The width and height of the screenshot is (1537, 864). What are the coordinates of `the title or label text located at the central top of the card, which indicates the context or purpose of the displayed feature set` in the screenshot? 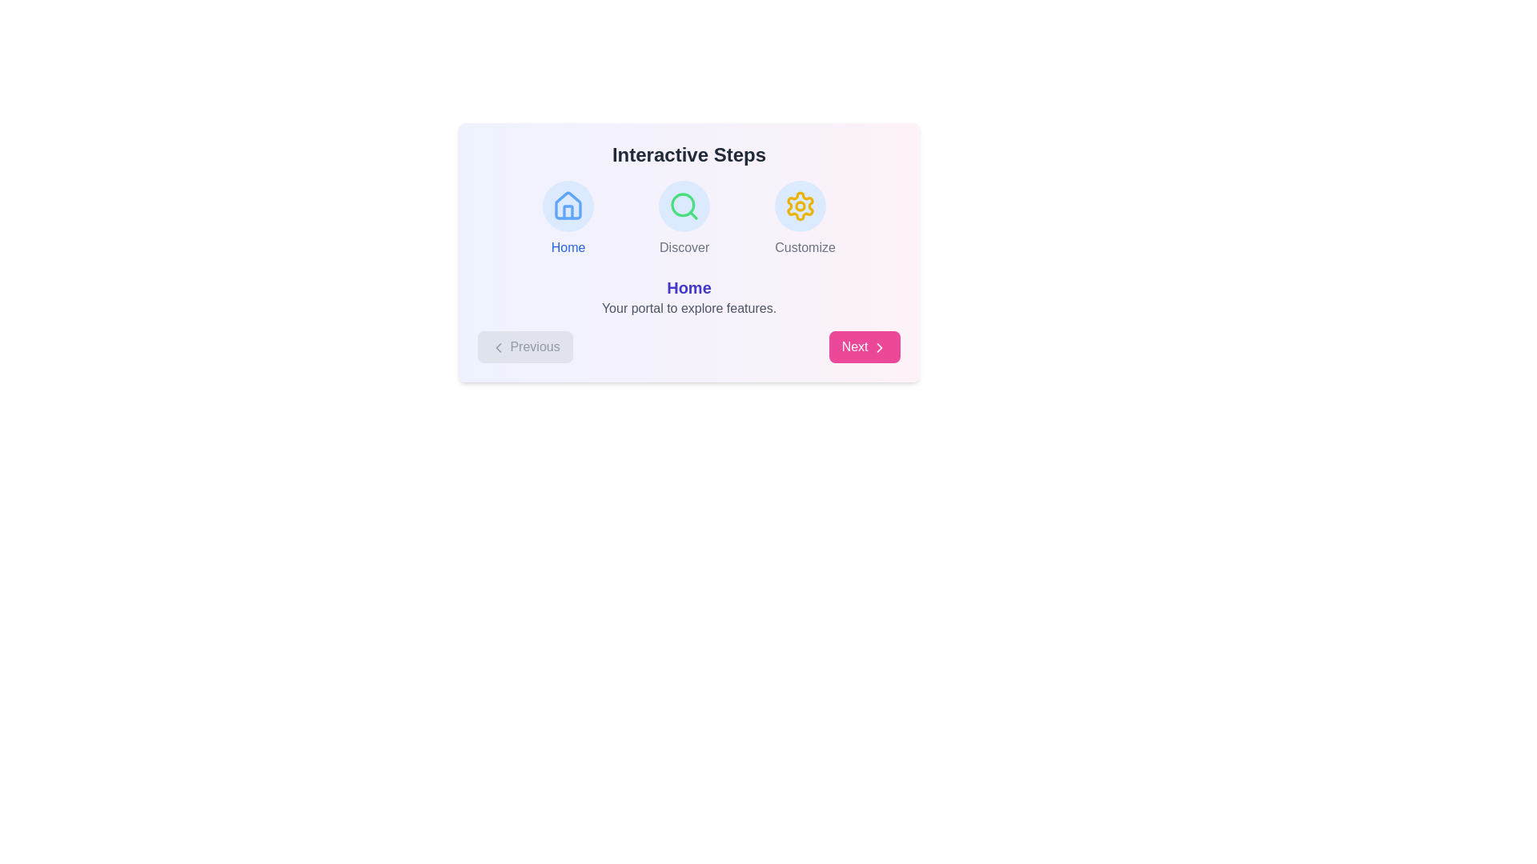 It's located at (688, 154).